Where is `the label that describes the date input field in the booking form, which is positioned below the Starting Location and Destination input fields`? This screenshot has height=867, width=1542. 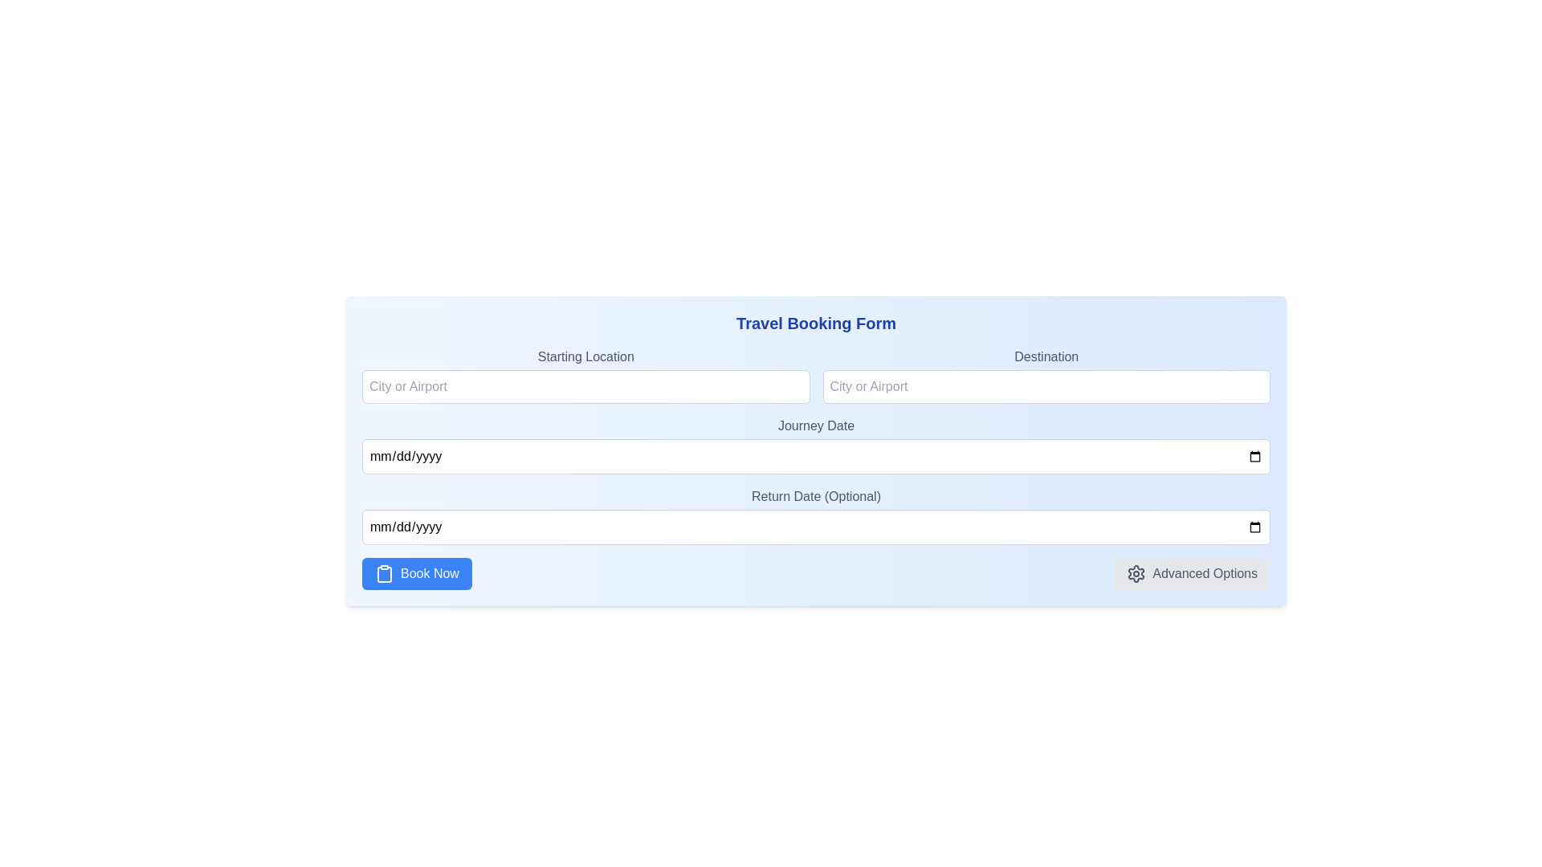
the label that describes the date input field in the booking form, which is positioned below the Starting Location and Destination input fields is located at coordinates (816, 425).